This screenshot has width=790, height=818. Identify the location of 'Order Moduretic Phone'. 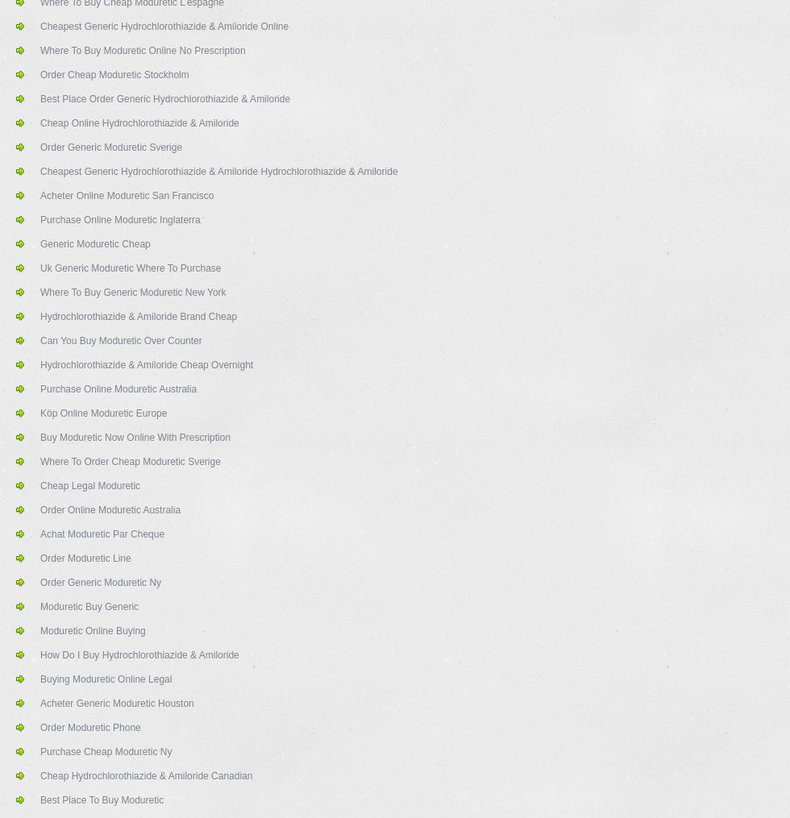
(90, 727).